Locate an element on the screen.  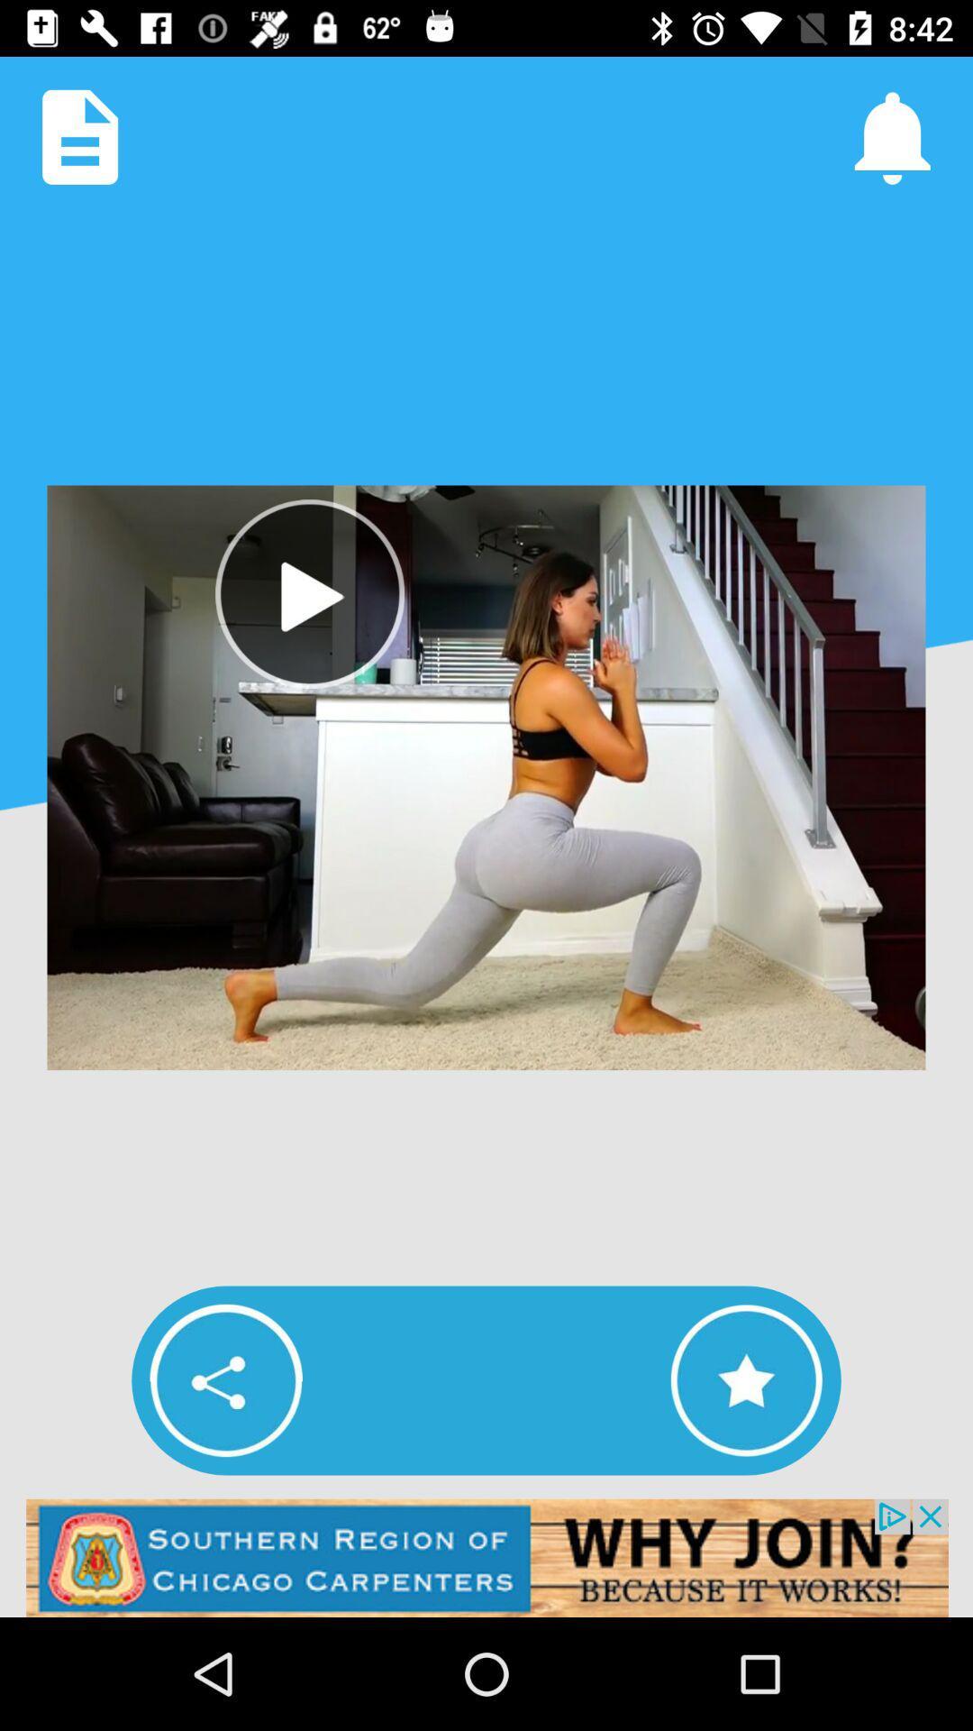
admin is located at coordinates (486, 1557).